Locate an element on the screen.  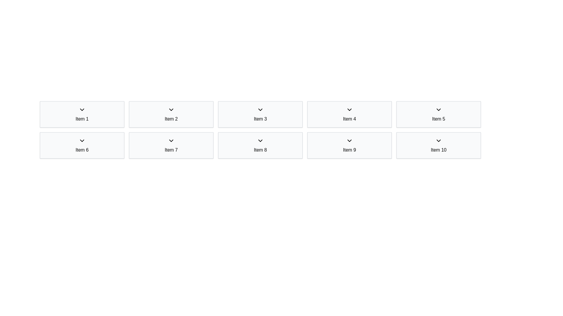
the interactive toggle icon located in the fourth column of the top row, which expands or collapses associated content, to receive feedback is located at coordinates (349, 109).